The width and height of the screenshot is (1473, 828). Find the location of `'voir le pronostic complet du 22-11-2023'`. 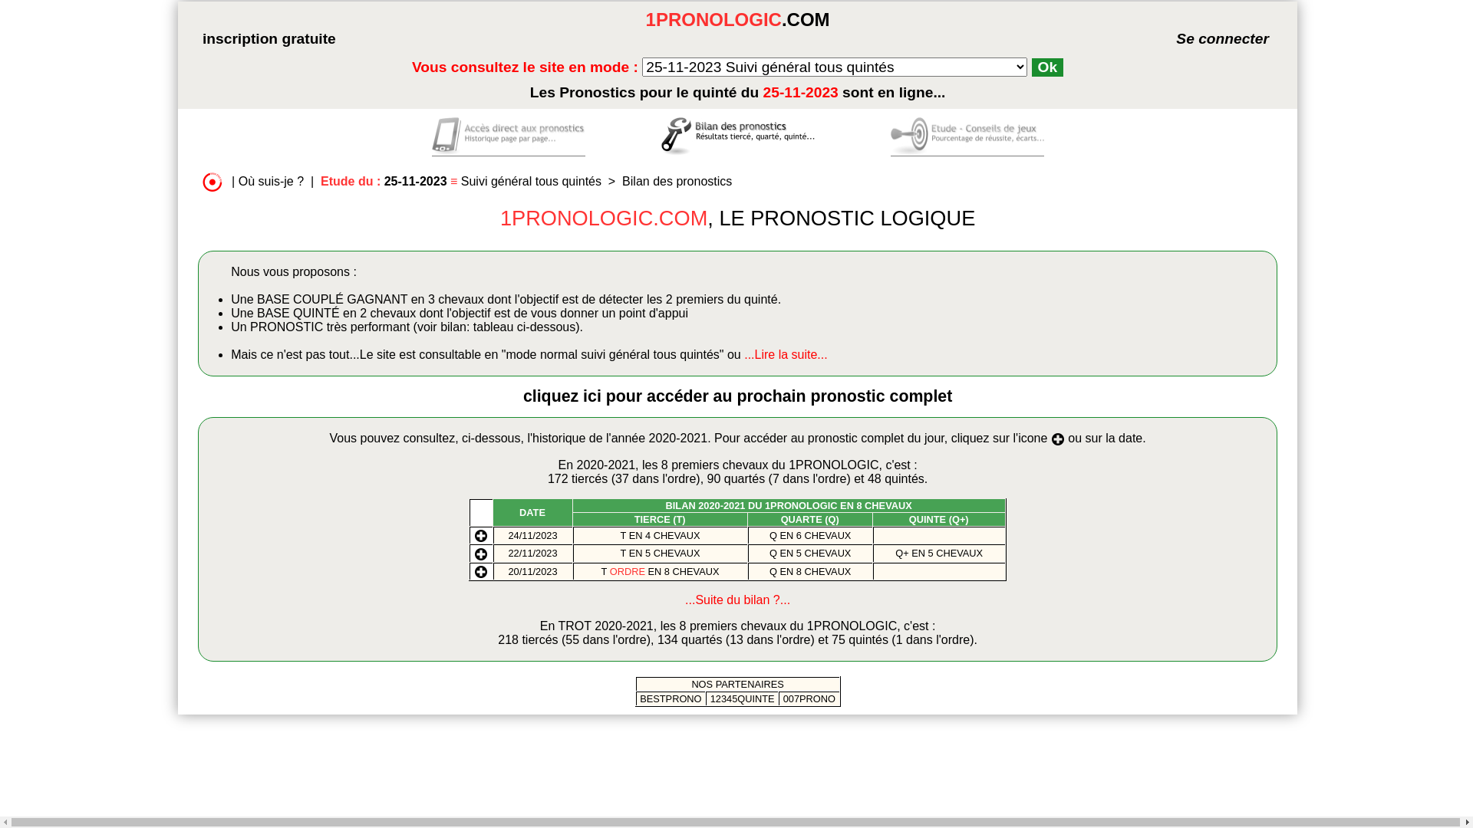

'voir le pronostic complet du 22-11-2023' is located at coordinates (480, 552).